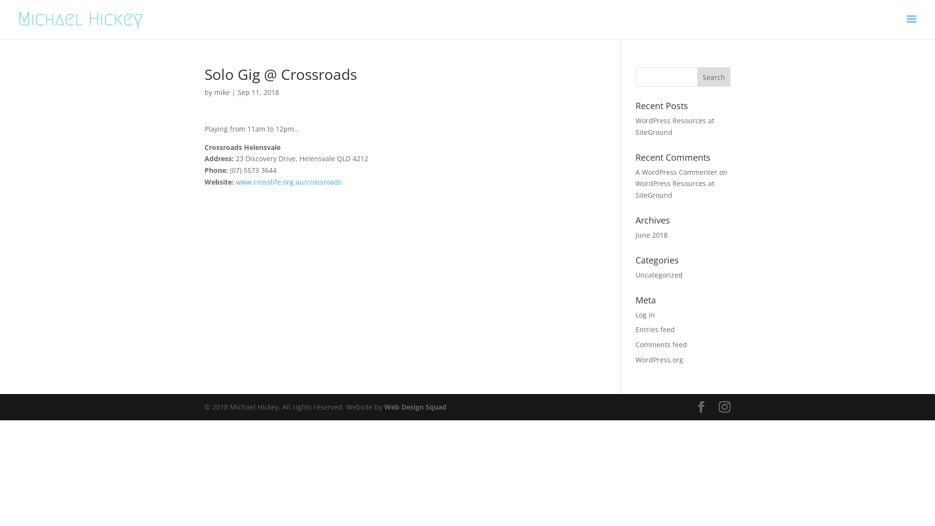 This screenshot has width=935, height=526. I want to click on 'Web Design Squad', so click(415, 407).